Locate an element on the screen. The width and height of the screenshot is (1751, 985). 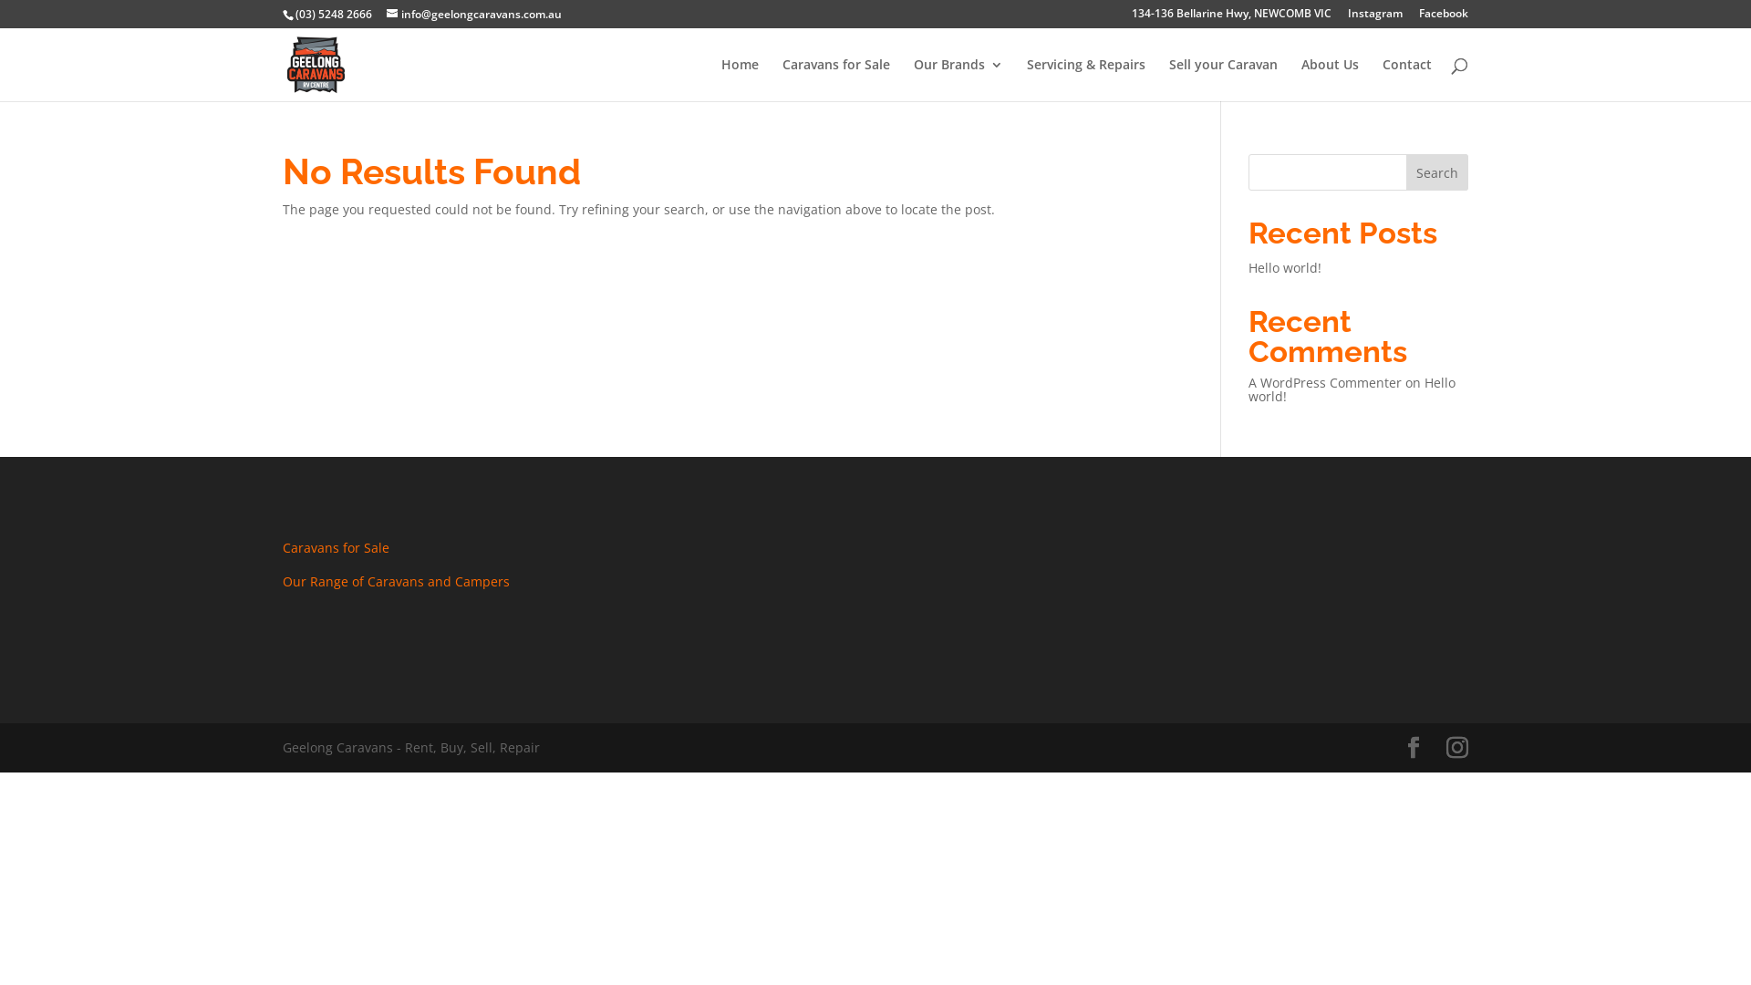
'Servicing & Repairs' is located at coordinates (1027, 78).